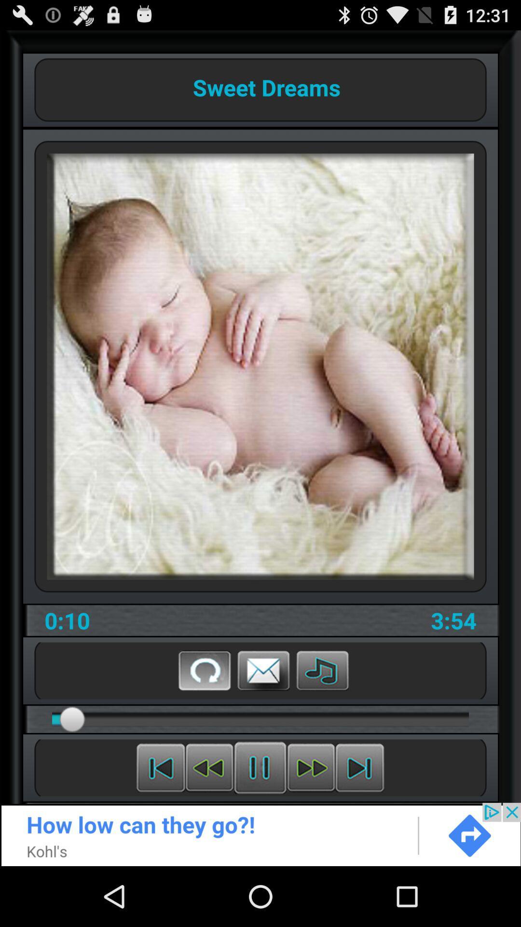 The width and height of the screenshot is (521, 927). What do you see at coordinates (160, 767) in the screenshot?
I see `backword to option` at bounding box center [160, 767].